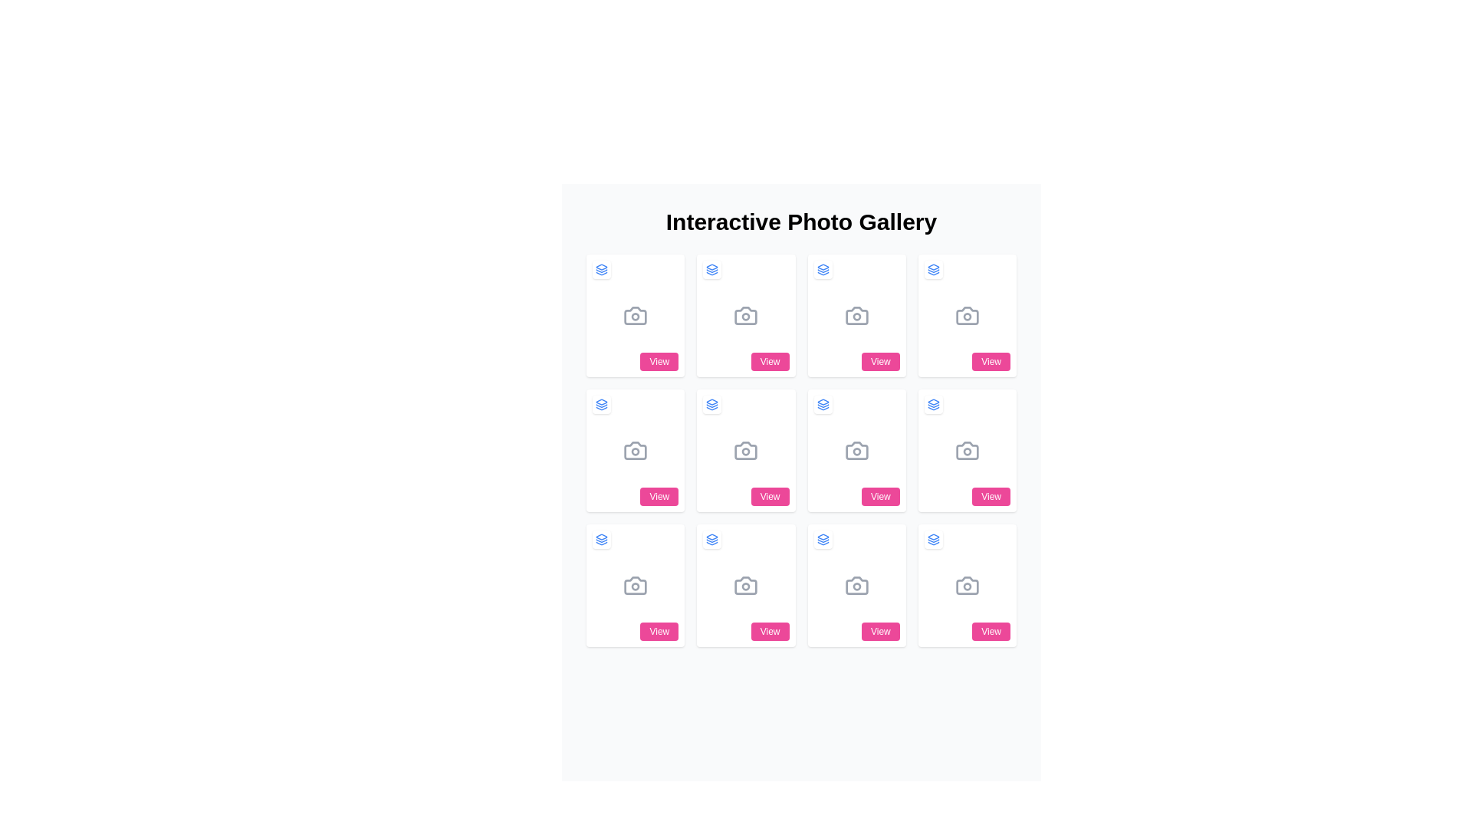 The height and width of the screenshot is (828, 1472). What do you see at coordinates (636, 585) in the screenshot?
I see `the camera icon, which is styled as an outline with a rounded lens and a flash indicator, located in the fourth row and first column of the photo gallery grid` at bounding box center [636, 585].